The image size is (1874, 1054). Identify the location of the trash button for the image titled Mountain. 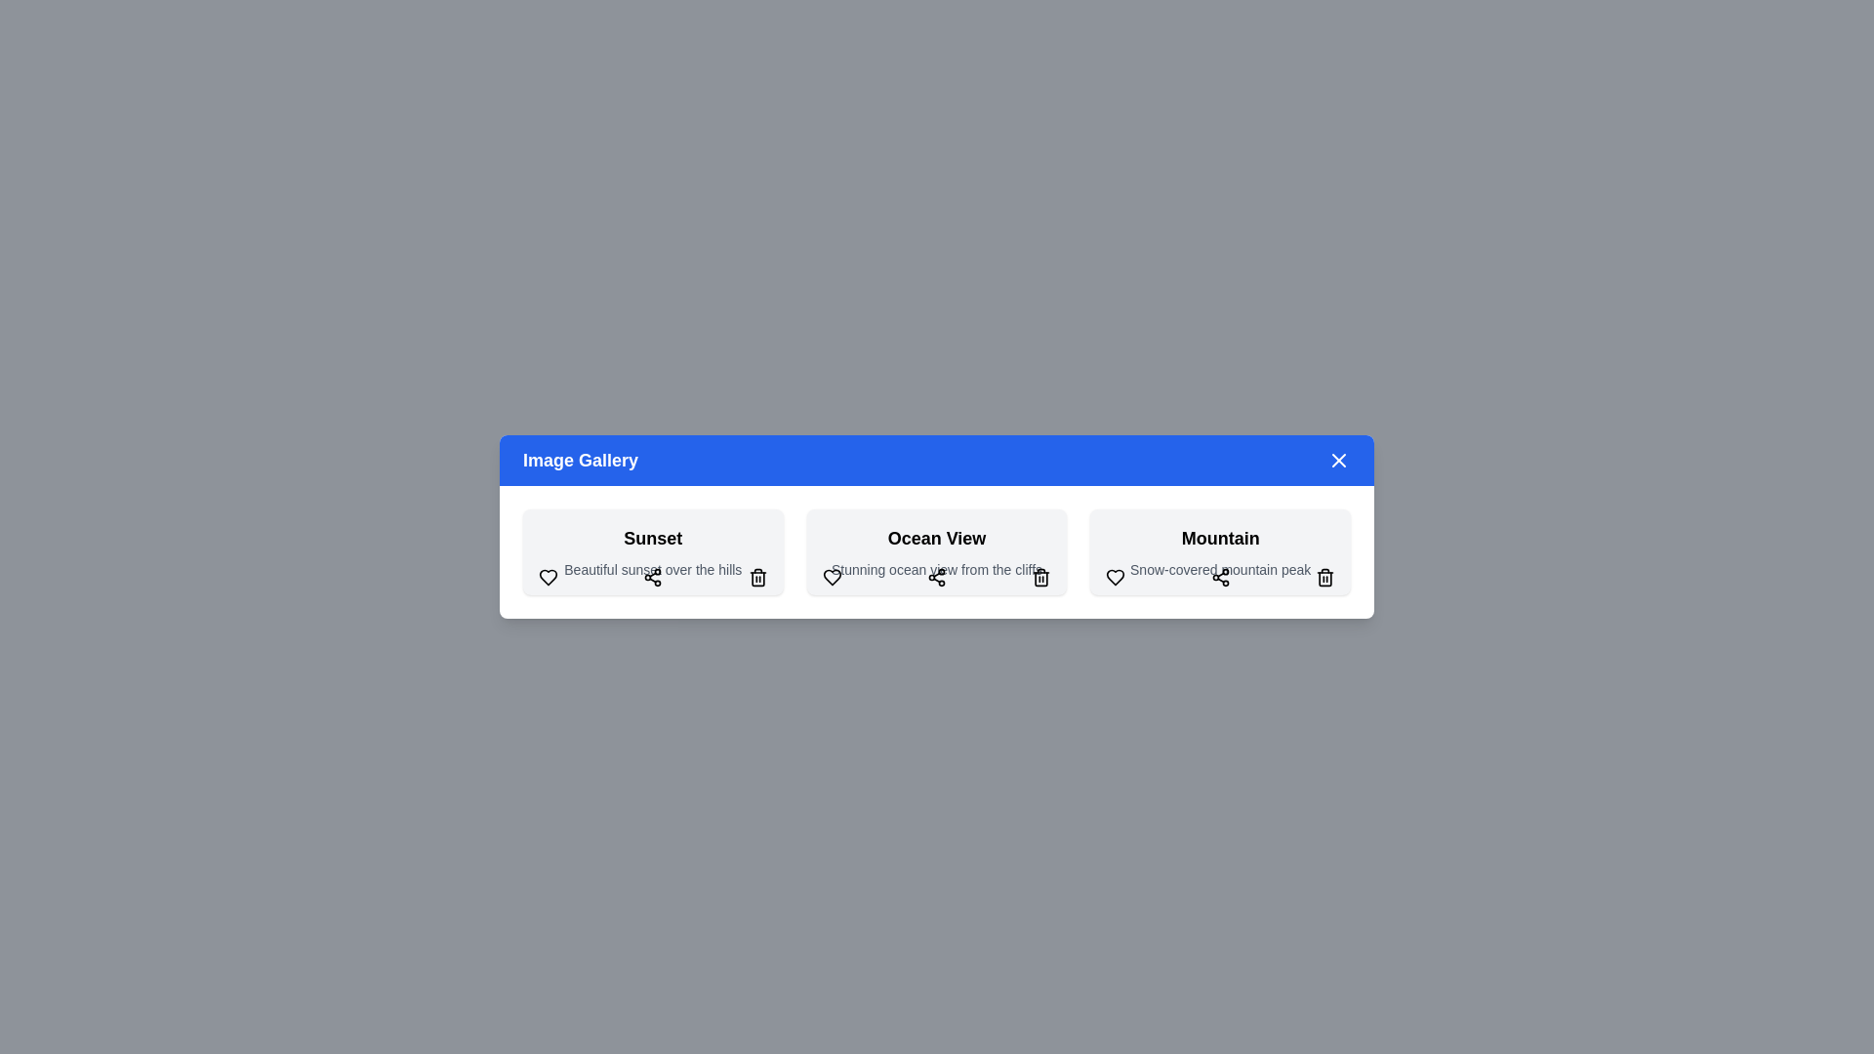
(1325, 576).